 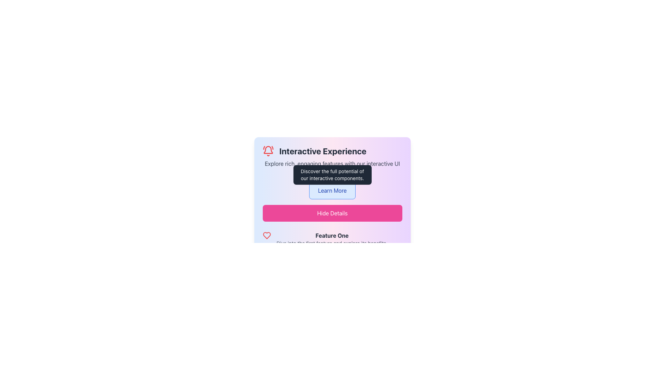 What do you see at coordinates (332, 254) in the screenshot?
I see `the Informational Section located directly beneath the 'Hide Details' button in the 'Interactive Experience' section` at bounding box center [332, 254].